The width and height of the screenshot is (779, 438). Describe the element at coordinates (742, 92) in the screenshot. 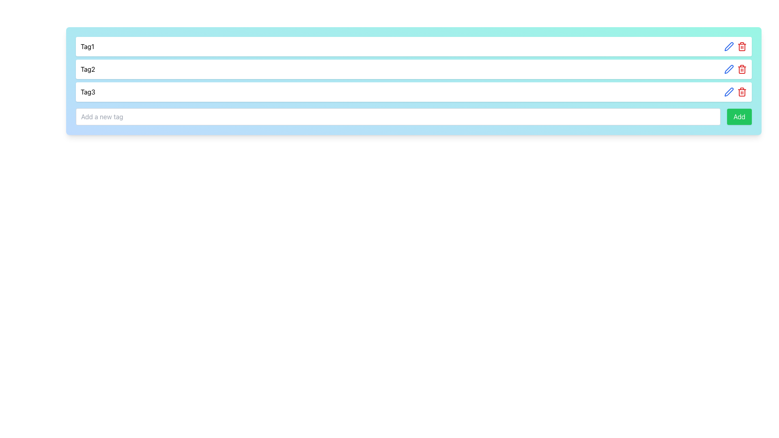

I see `the delete action button located at the far right of each tag item row` at that location.